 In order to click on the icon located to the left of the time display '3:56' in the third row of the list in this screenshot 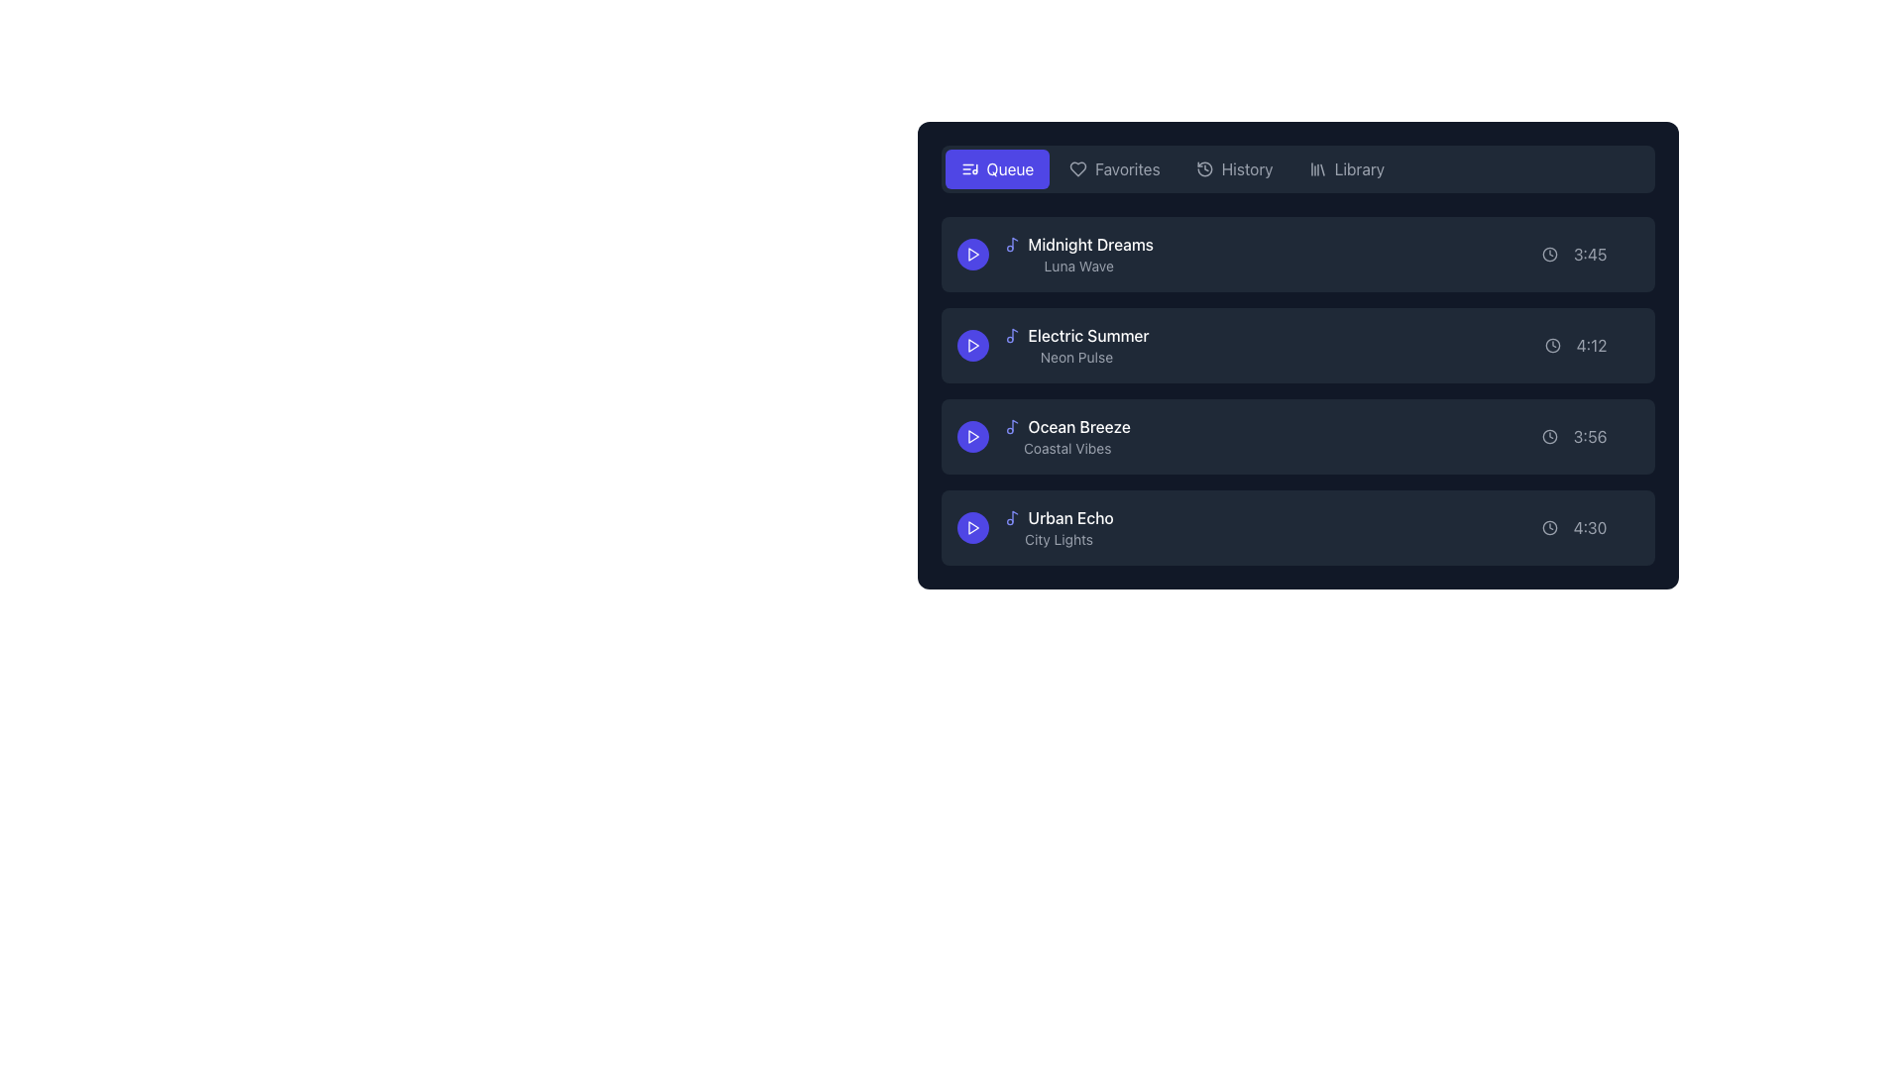, I will do `click(1548, 435)`.